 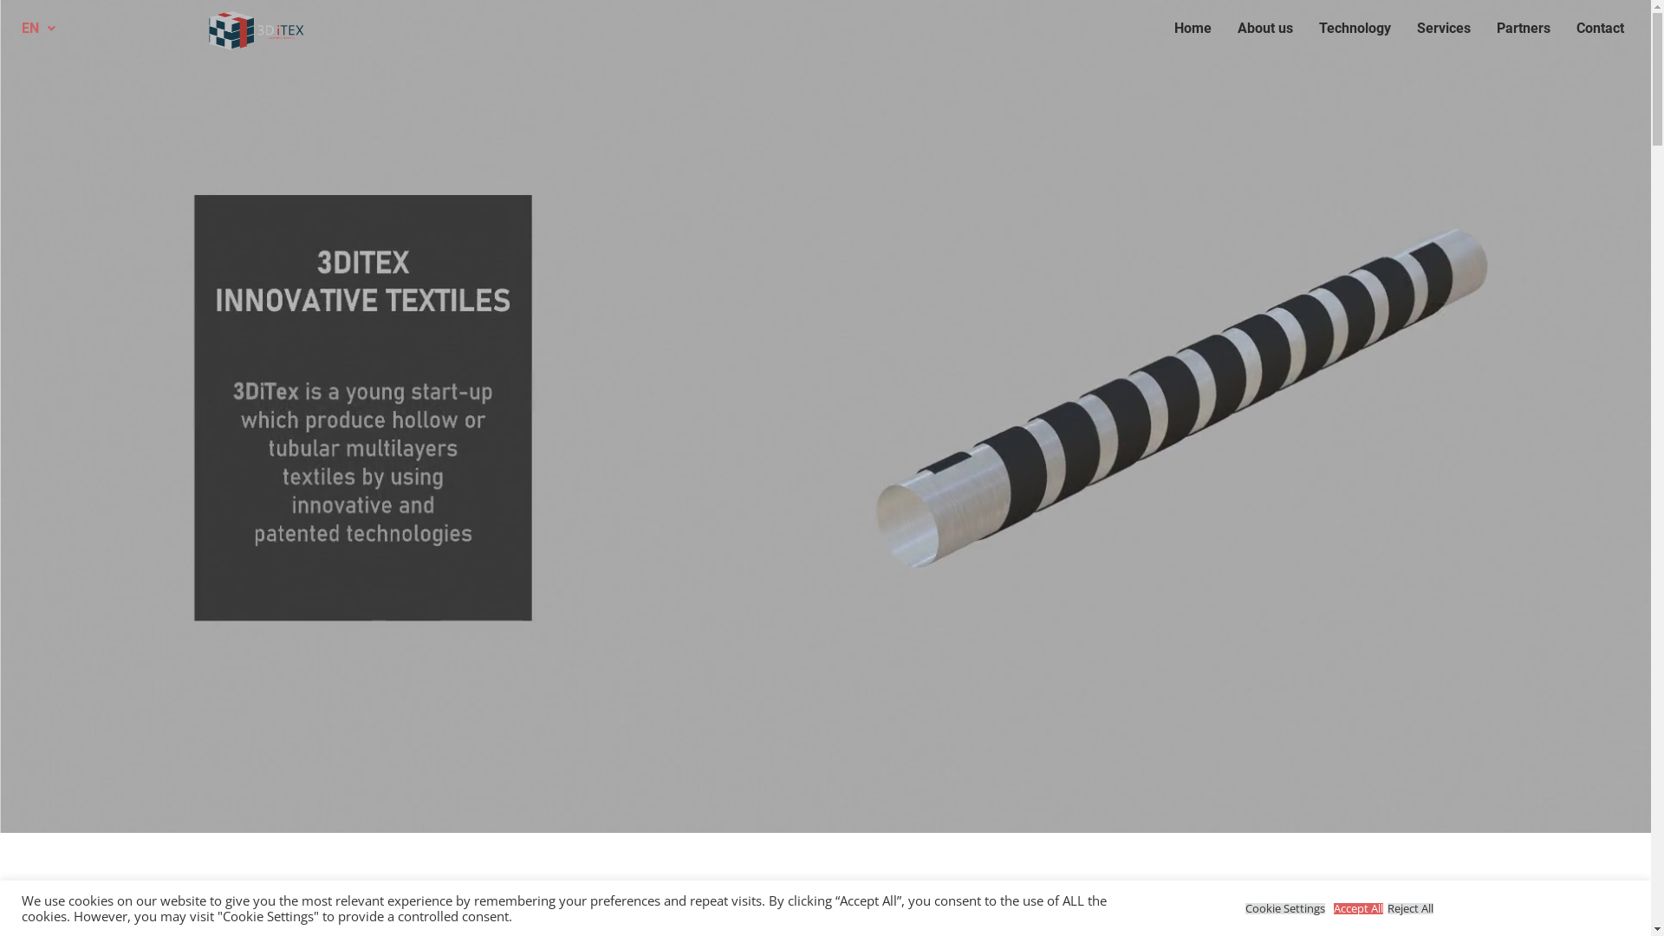 What do you see at coordinates (1410, 907) in the screenshot?
I see `'Reject All'` at bounding box center [1410, 907].